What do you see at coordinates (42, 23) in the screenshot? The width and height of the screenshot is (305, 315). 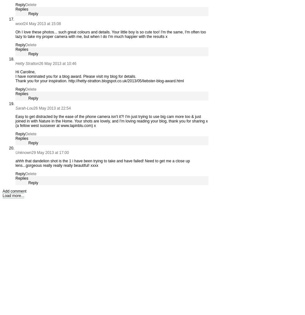 I see `'24 May 2013 at 15:08'` at bounding box center [42, 23].